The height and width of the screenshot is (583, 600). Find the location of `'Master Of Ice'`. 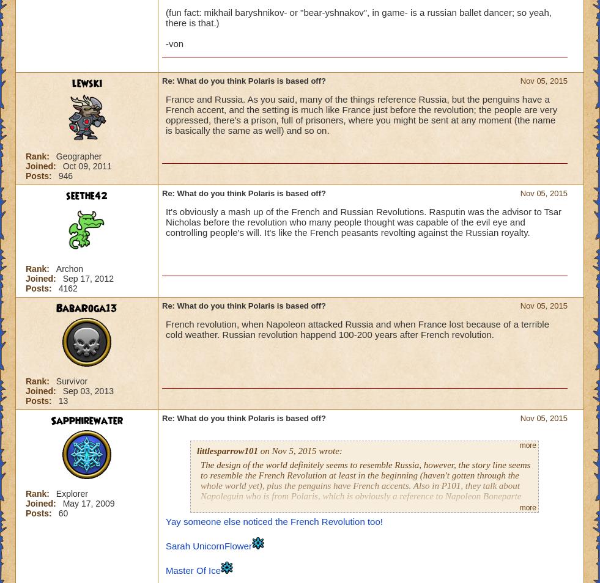

'Master Of Ice' is located at coordinates (192, 570).